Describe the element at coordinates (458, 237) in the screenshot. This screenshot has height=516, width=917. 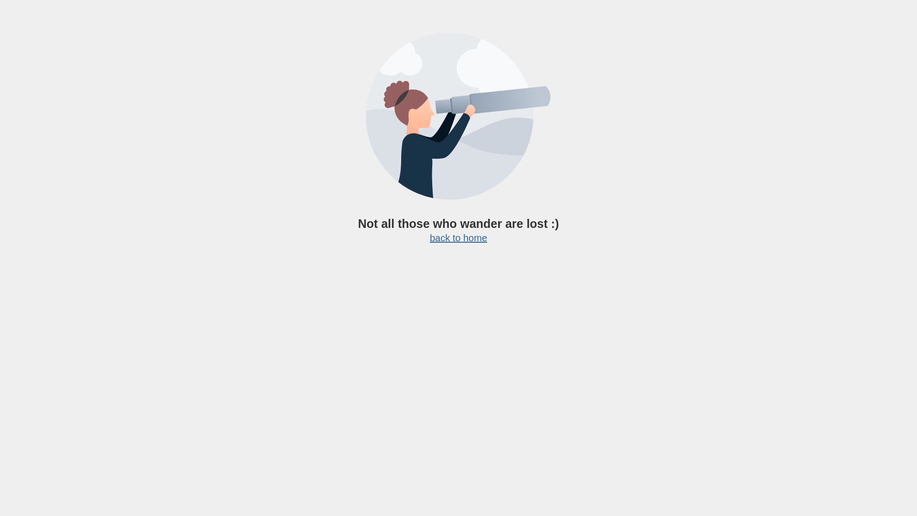
I see `'back to home'` at that location.